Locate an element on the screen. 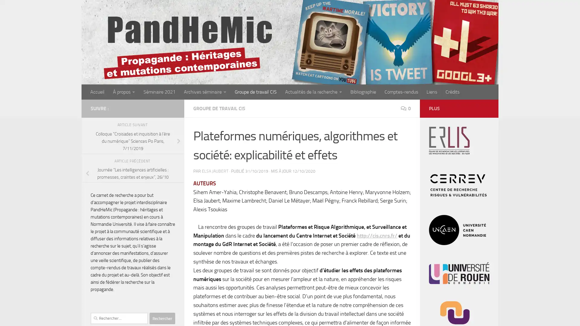 This screenshot has width=580, height=326. Rechercher is located at coordinates (162, 318).